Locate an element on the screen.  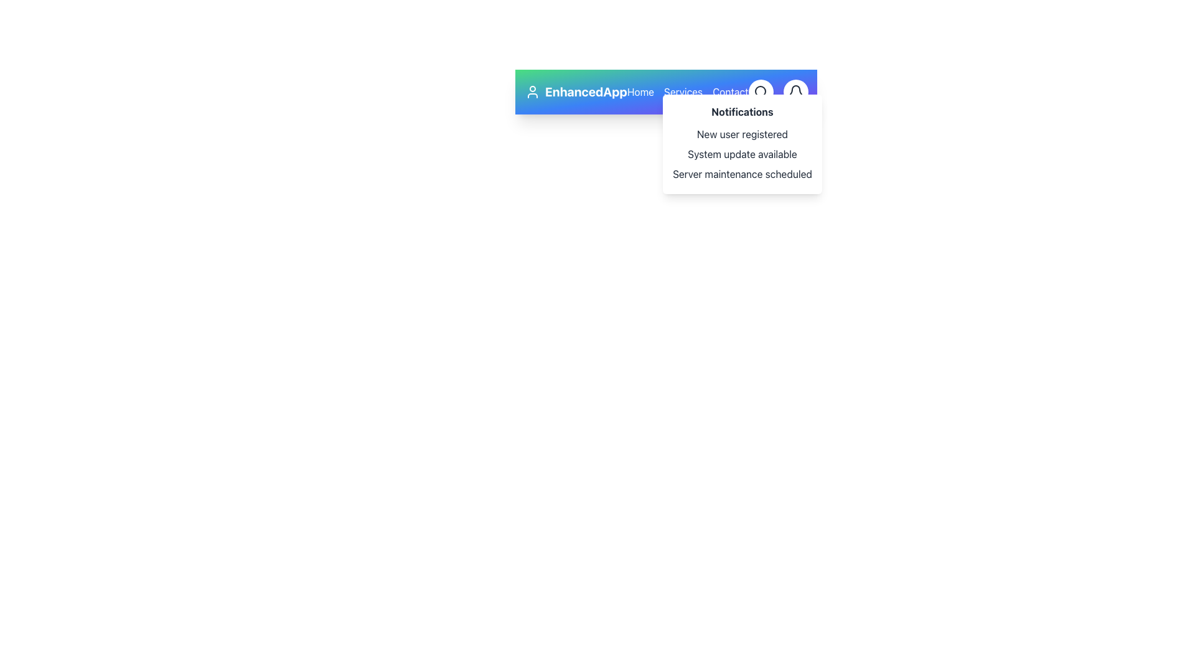
the 'Contact' hyperlink is located at coordinates (730, 91).